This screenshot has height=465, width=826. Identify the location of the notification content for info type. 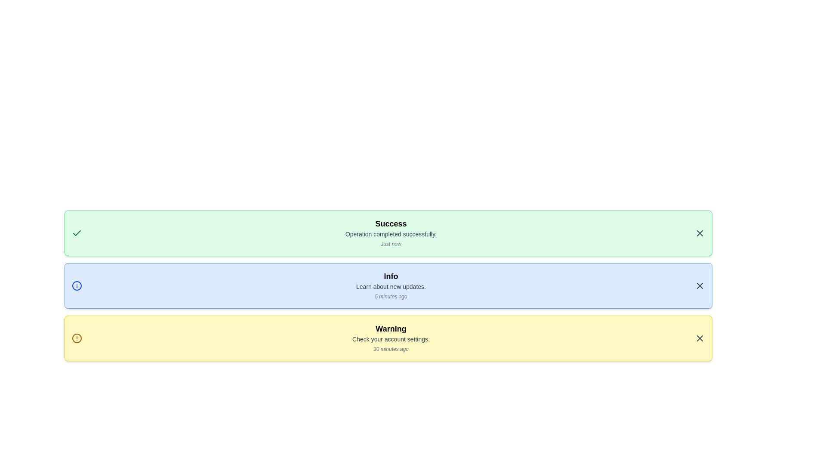
(388, 285).